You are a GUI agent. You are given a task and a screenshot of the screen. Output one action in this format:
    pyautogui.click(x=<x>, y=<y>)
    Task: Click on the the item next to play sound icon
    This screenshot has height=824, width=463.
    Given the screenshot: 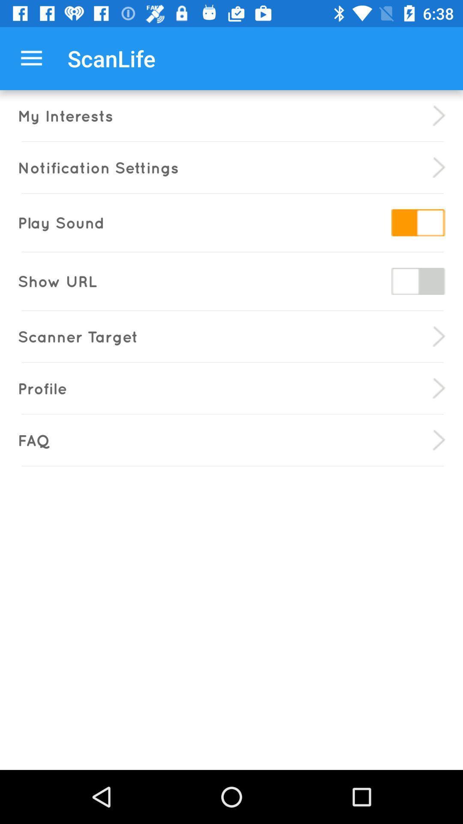 What is the action you would take?
    pyautogui.click(x=418, y=222)
    